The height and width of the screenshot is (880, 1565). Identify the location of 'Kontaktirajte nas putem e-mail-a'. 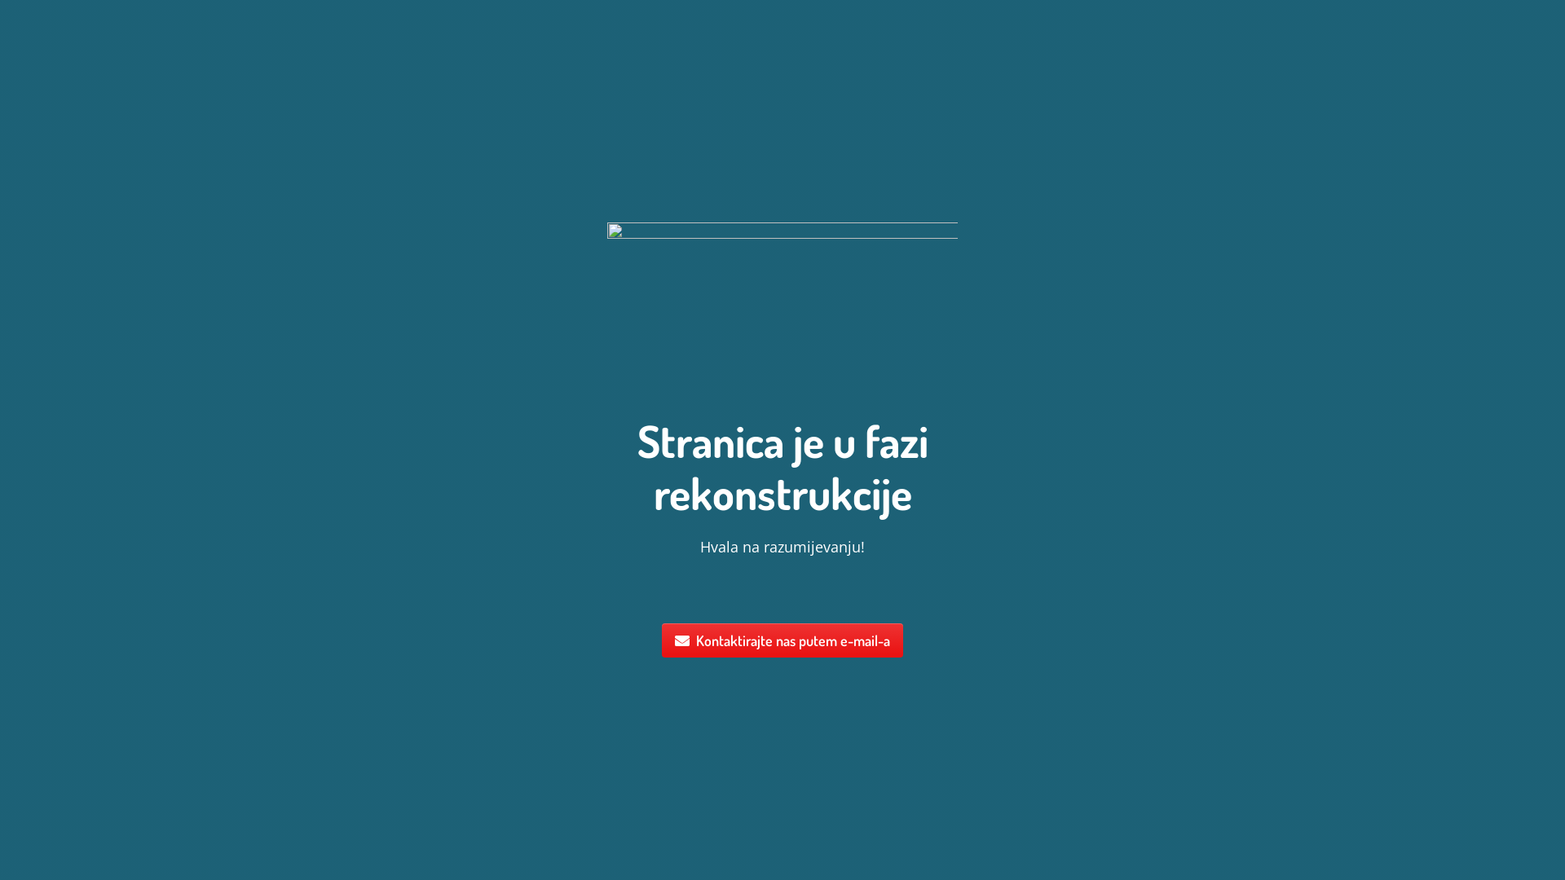
(782, 640).